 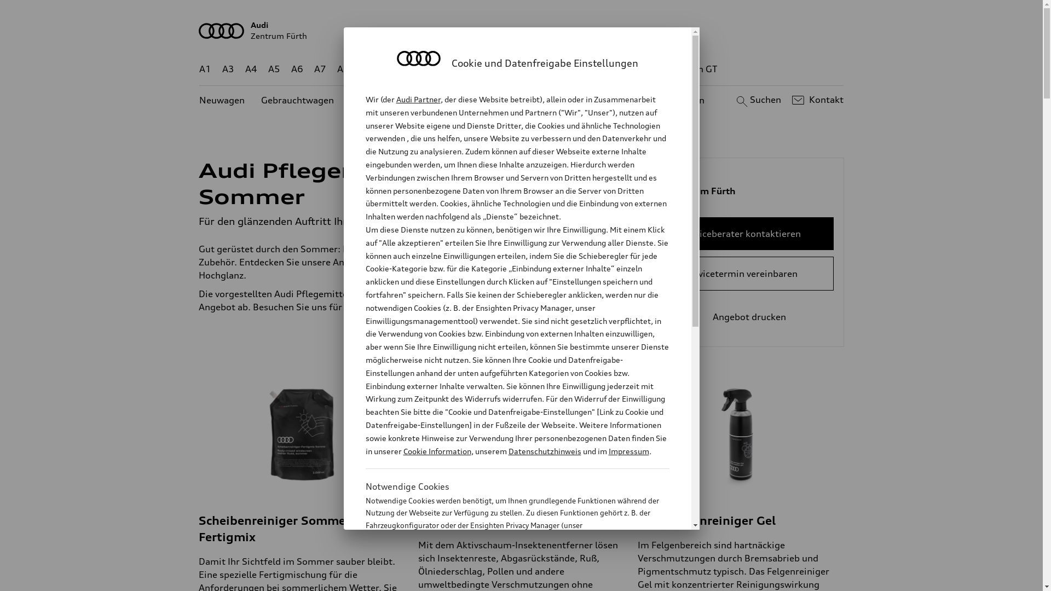 I want to click on 'TT', so click(x=588, y=69).